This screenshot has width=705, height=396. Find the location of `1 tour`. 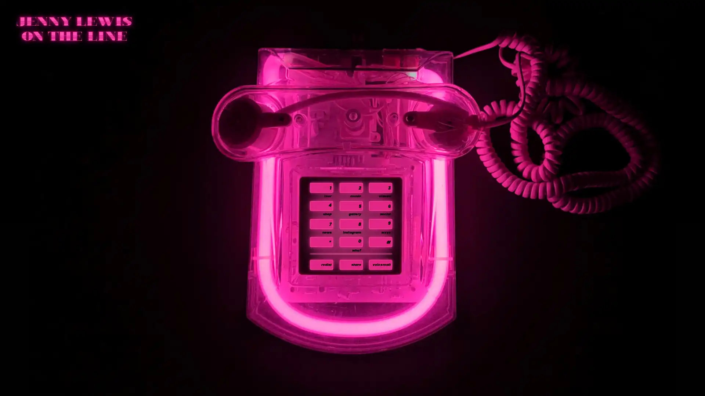

1 tour is located at coordinates (321, 187).